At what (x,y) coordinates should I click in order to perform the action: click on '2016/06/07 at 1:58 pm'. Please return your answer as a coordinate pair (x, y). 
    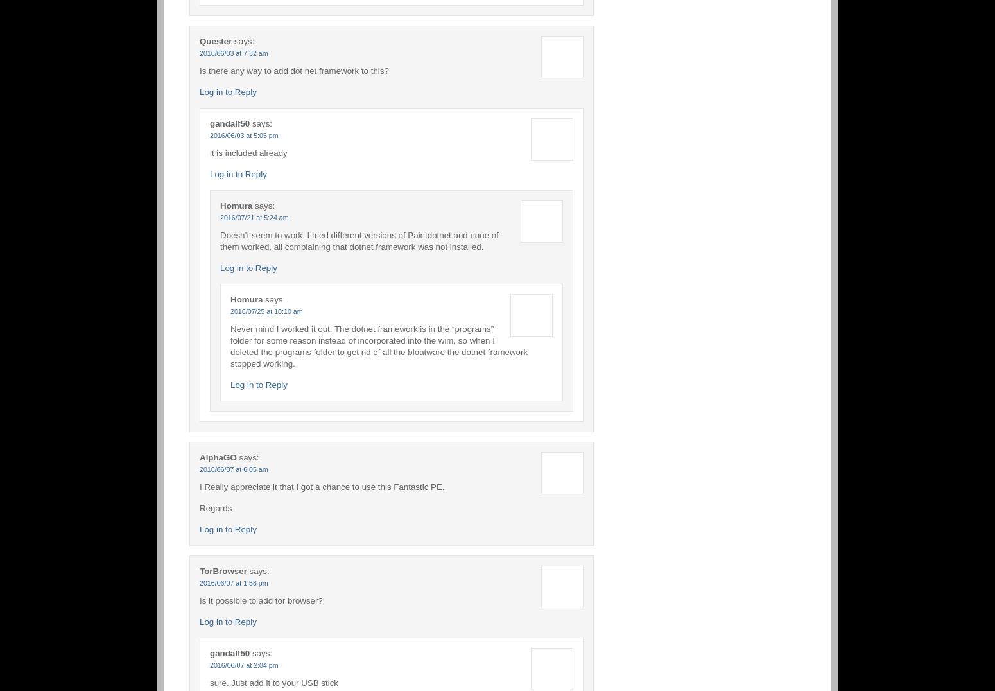
    Looking at the image, I should click on (232, 581).